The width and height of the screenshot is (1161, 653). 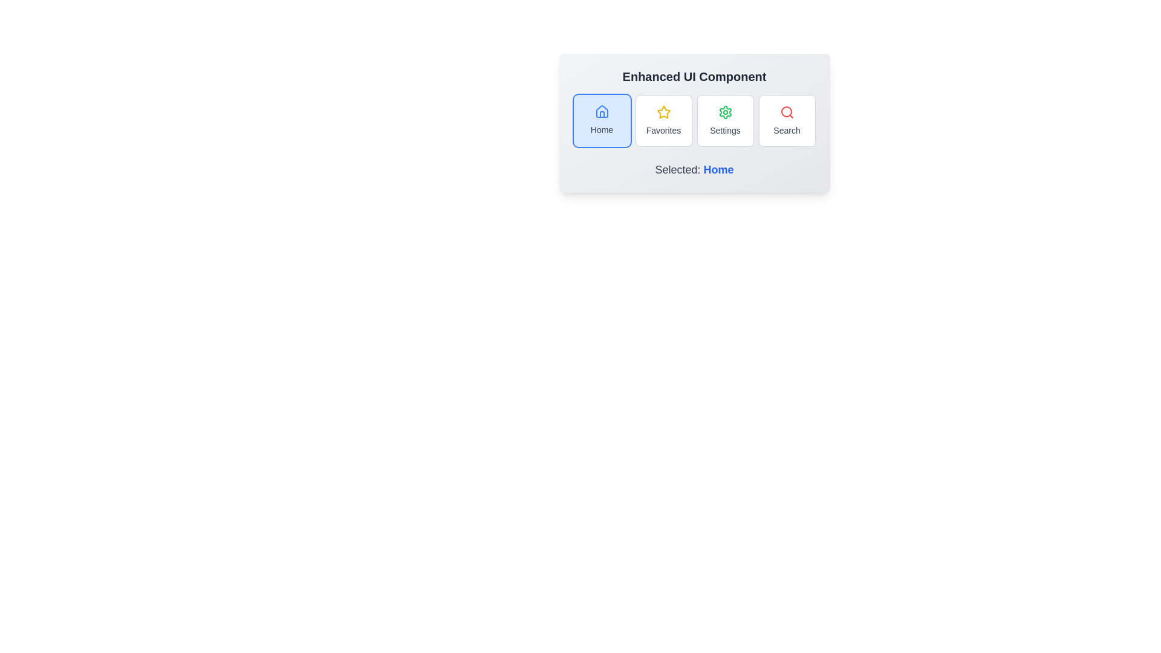 What do you see at coordinates (694, 170) in the screenshot?
I see `the text element displaying 'Selected: Home', which is centered below the main grid of options` at bounding box center [694, 170].